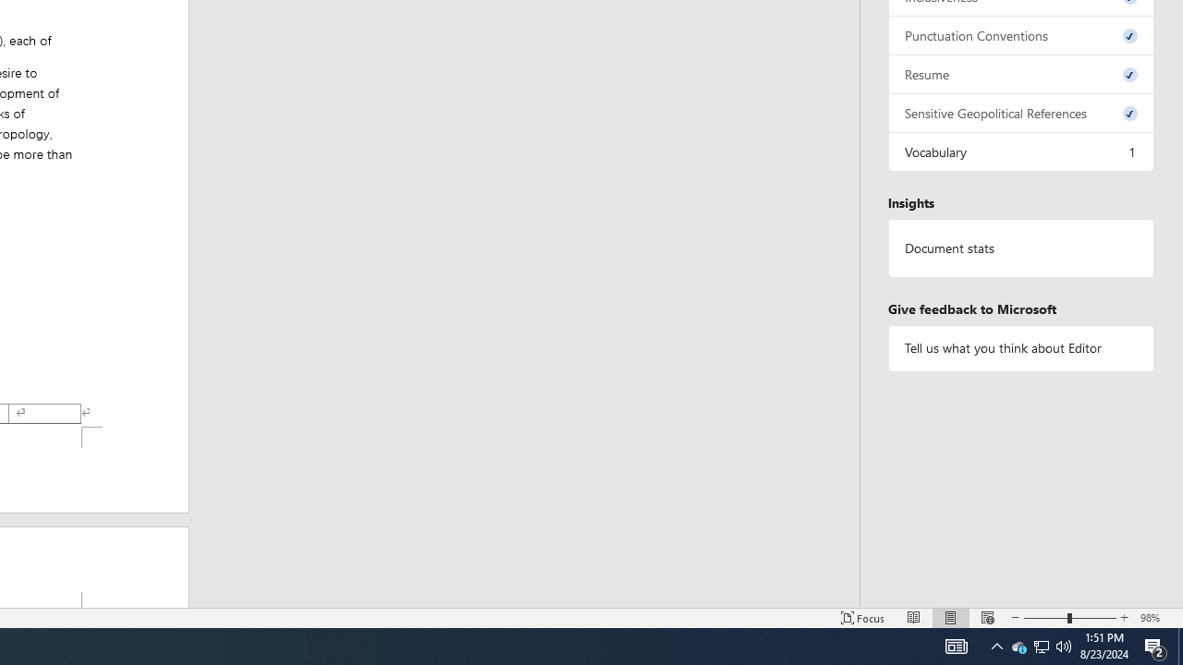 The image size is (1183, 665). I want to click on 'Tell us what you think about Editor', so click(1020, 348).